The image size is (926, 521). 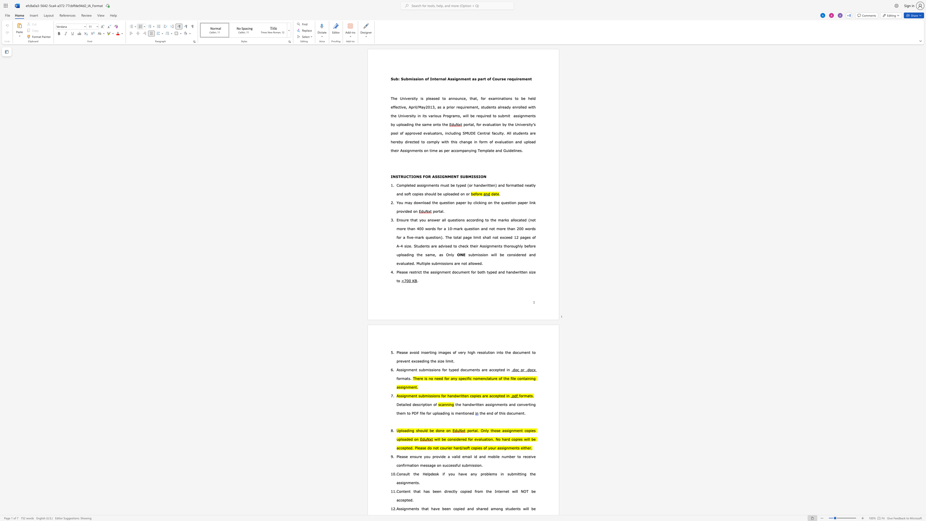 I want to click on the space between the continuous character "p" and "t" in the text, so click(x=425, y=405).